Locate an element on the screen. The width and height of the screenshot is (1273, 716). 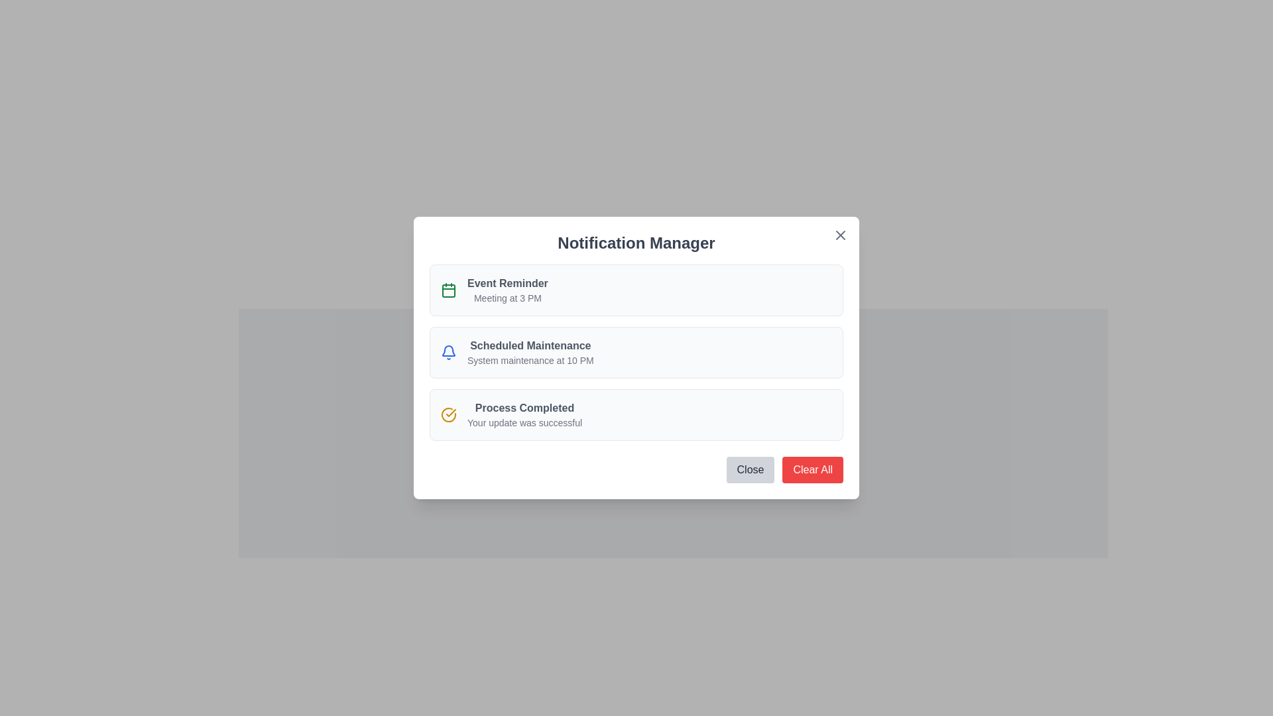
static text message 'Your update was successful' which is centrally located beneath the 'Process Completed' label in the Notification Manager interface is located at coordinates (524, 422).